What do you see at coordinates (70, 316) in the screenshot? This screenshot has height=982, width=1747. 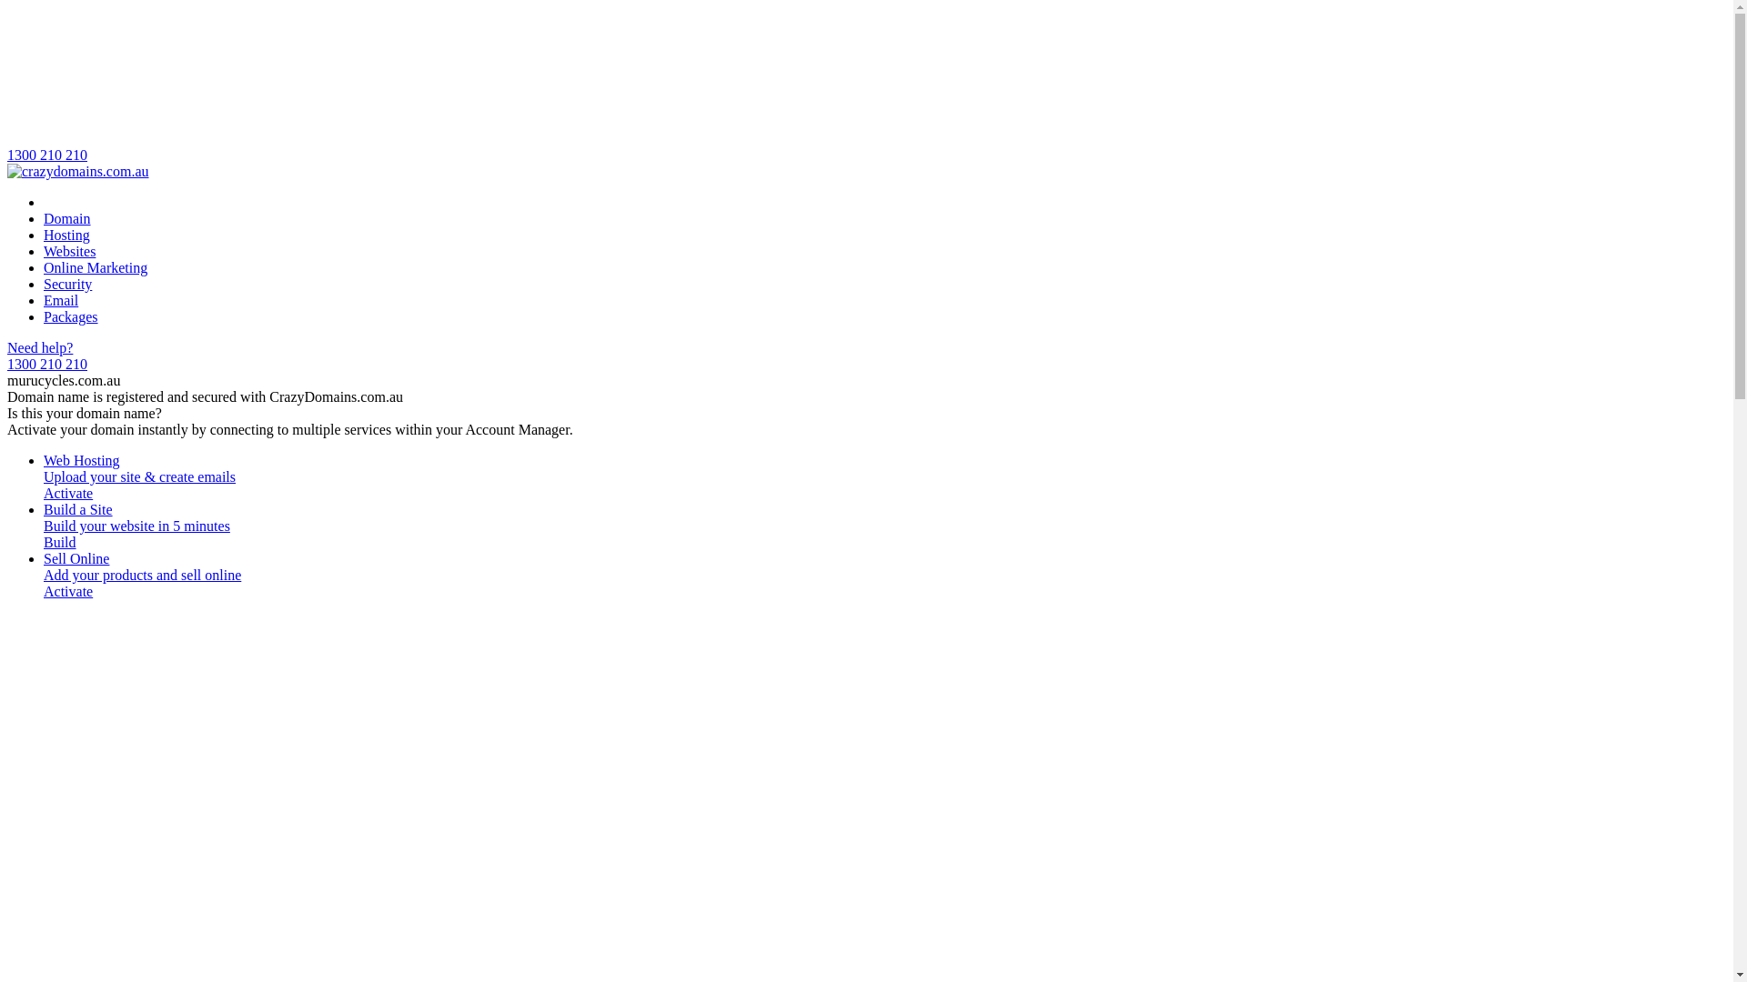 I see `'Packages'` at bounding box center [70, 316].